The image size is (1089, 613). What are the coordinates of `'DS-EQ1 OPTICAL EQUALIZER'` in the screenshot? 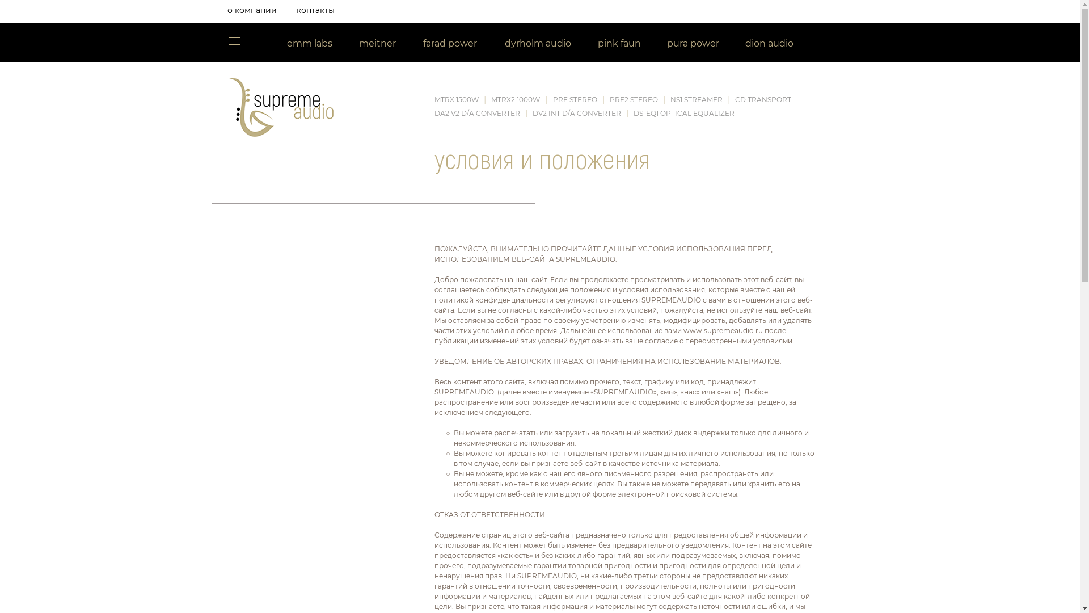 It's located at (683, 113).